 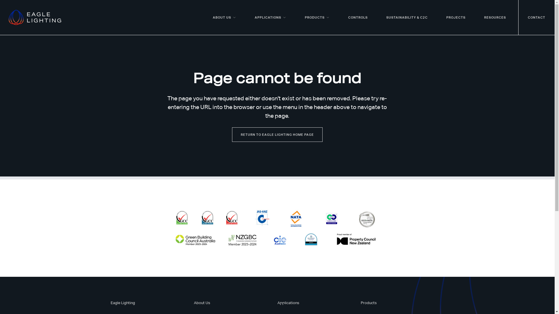 What do you see at coordinates (202, 302) in the screenshot?
I see `'About Us'` at bounding box center [202, 302].